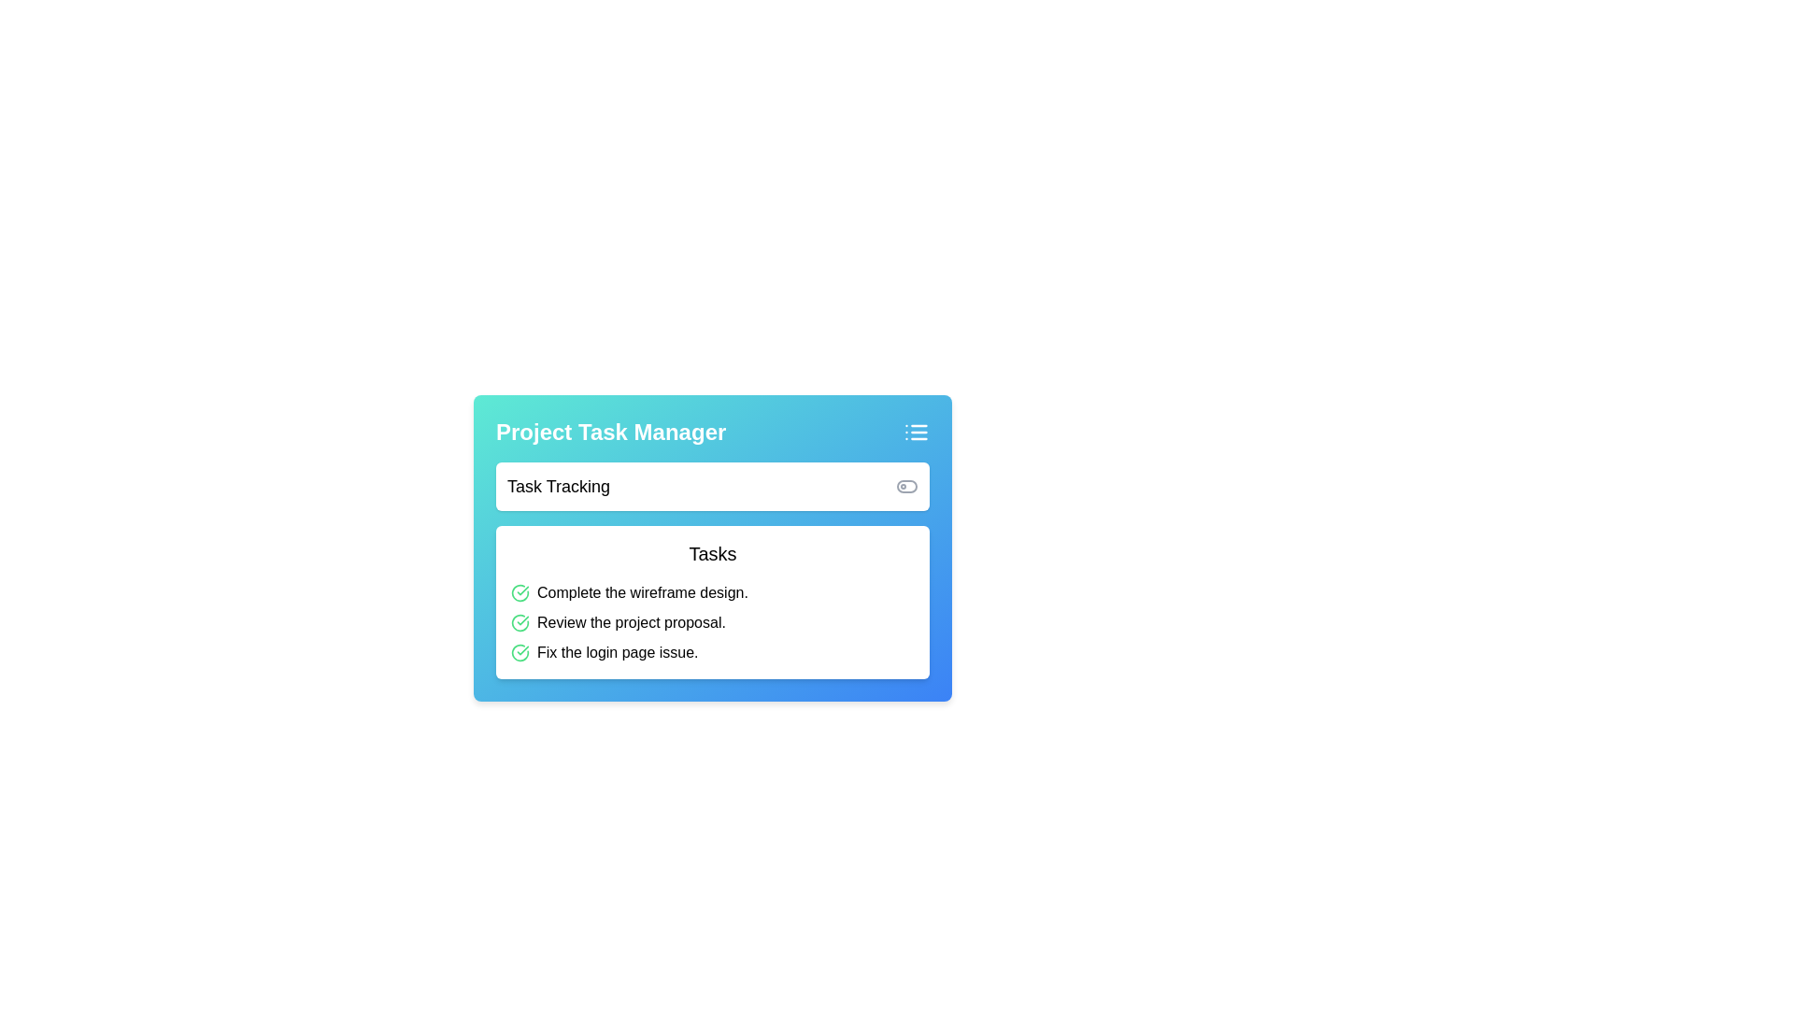 The width and height of the screenshot is (1794, 1009). What do you see at coordinates (906, 485) in the screenshot?
I see `the toggle switch icon located at the right end of the 'Task Tracking' section to change its state` at bounding box center [906, 485].